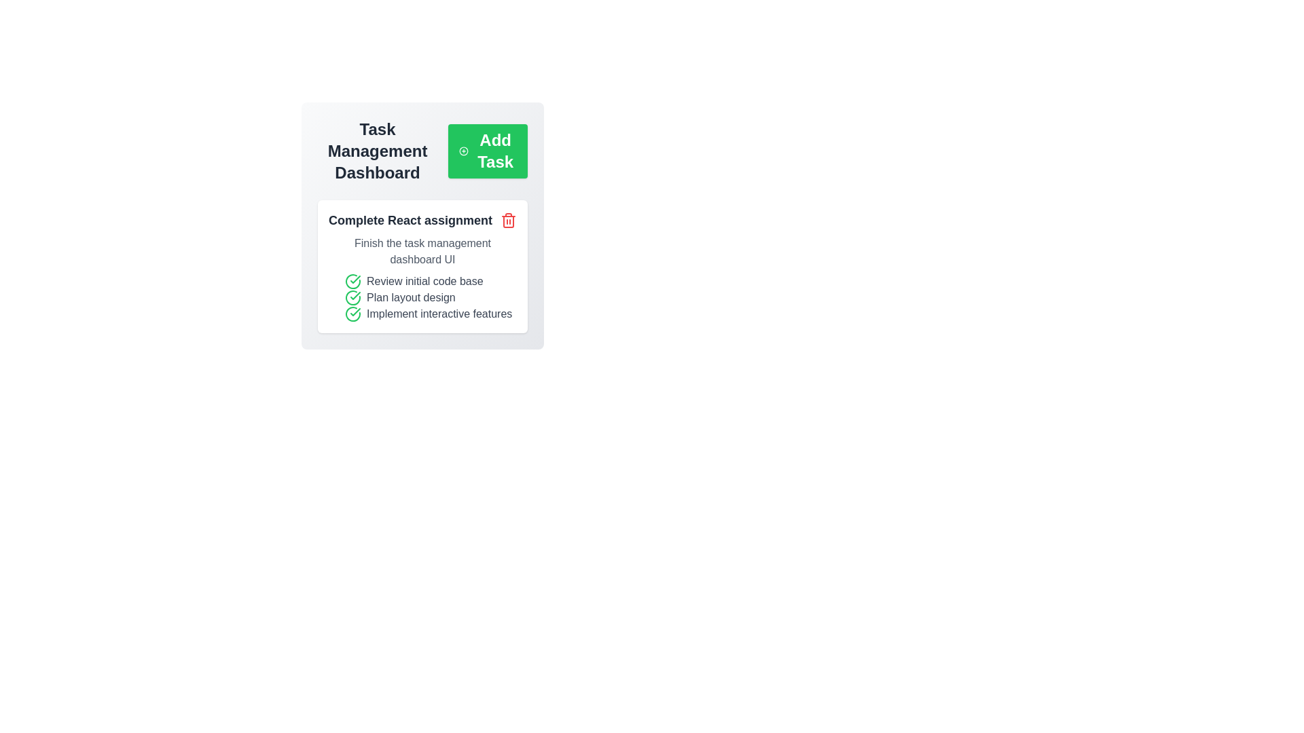 Image resolution: width=1304 pixels, height=733 pixels. I want to click on the SVG icon resembling a green circle with a check mark indicating a completed task, located to the left of the text 'Plan layout design', so click(352, 297).